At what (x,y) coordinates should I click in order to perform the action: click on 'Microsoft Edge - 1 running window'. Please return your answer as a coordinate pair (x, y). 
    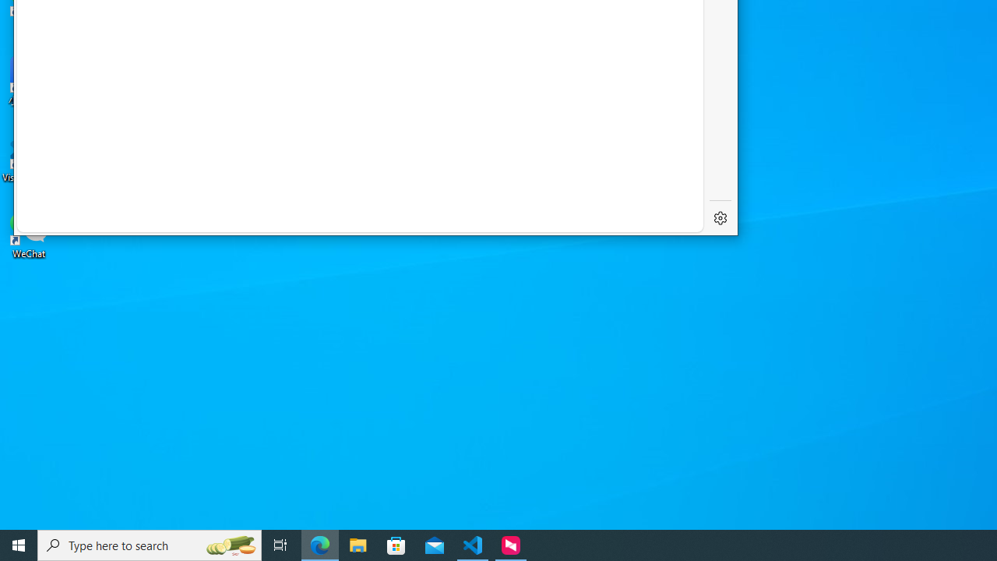
    Looking at the image, I should click on (319, 544).